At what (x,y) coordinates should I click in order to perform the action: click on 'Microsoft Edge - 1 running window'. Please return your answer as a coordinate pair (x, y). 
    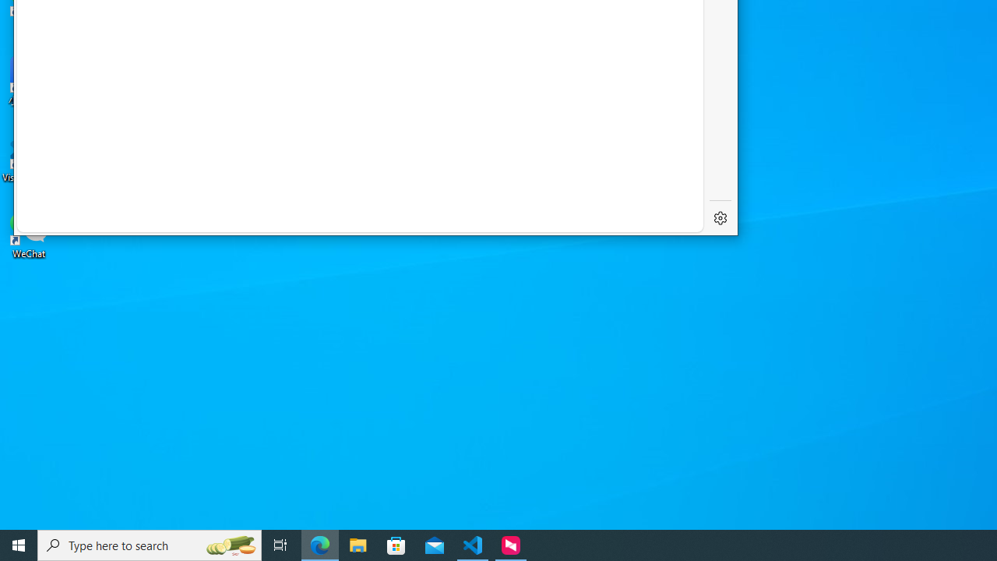
    Looking at the image, I should click on (319, 544).